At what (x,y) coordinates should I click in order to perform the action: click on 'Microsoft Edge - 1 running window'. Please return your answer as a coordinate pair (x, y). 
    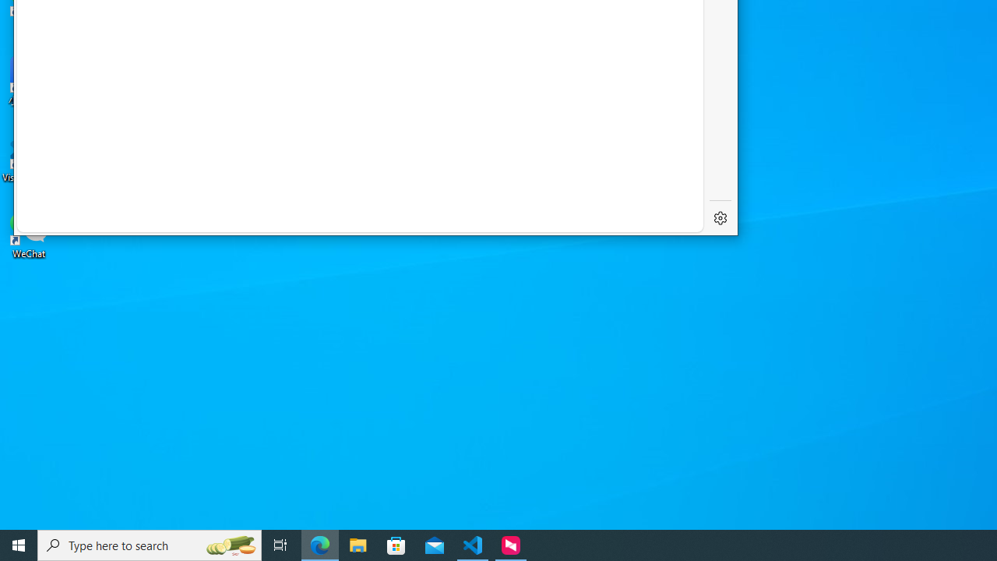
    Looking at the image, I should click on (319, 544).